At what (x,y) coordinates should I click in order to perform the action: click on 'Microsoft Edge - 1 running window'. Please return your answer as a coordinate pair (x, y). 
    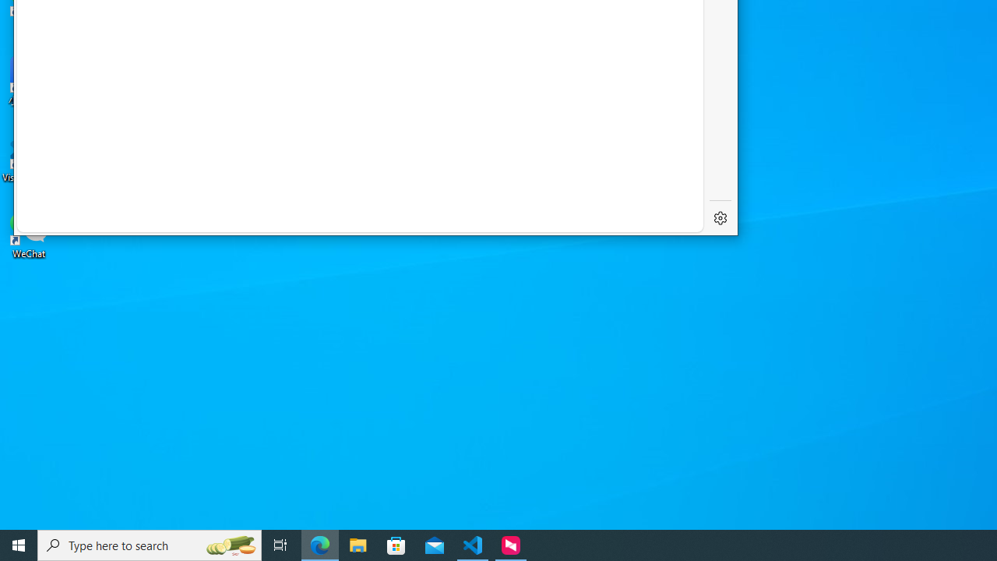
    Looking at the image, I should click on (319, 544).